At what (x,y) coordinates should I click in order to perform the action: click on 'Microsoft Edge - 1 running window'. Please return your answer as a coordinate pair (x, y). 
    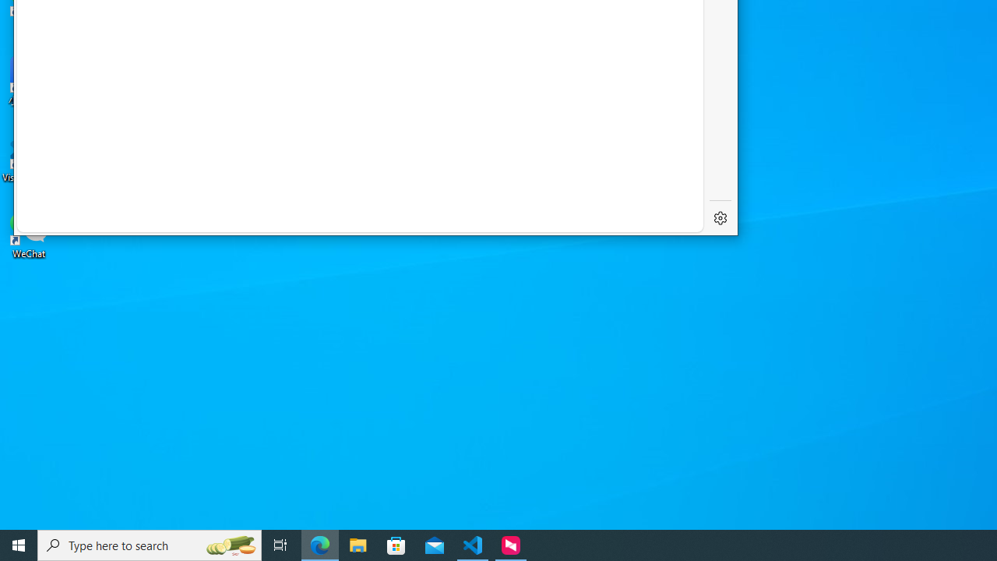
    Looking at the image, I should click on (319, 544).